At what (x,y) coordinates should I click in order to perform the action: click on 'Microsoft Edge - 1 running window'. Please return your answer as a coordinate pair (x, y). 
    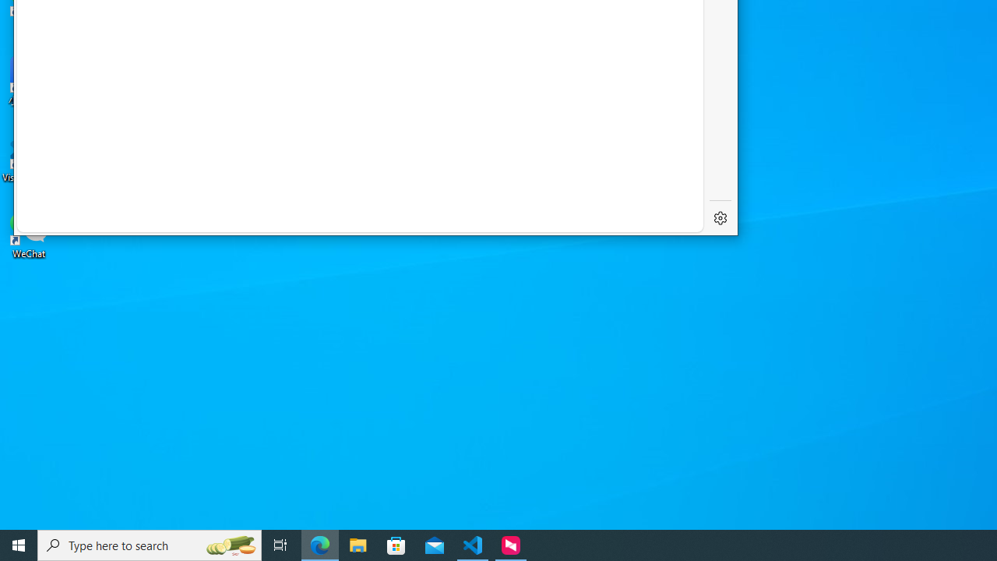
    Looking at the image, I should click on (319, 544).